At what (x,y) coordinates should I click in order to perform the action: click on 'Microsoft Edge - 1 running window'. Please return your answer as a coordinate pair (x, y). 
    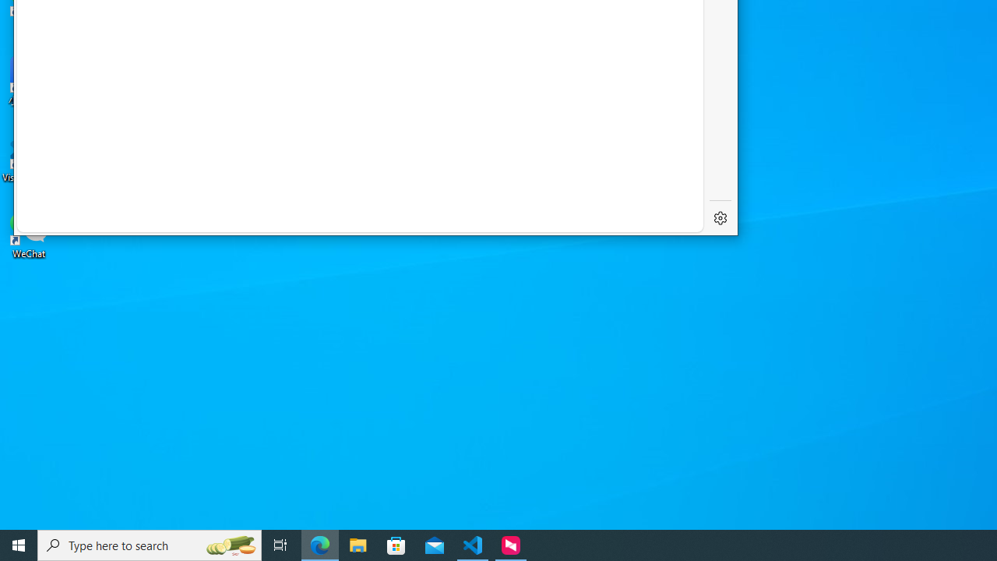
    Looking at the image, I should click on (319, 544).